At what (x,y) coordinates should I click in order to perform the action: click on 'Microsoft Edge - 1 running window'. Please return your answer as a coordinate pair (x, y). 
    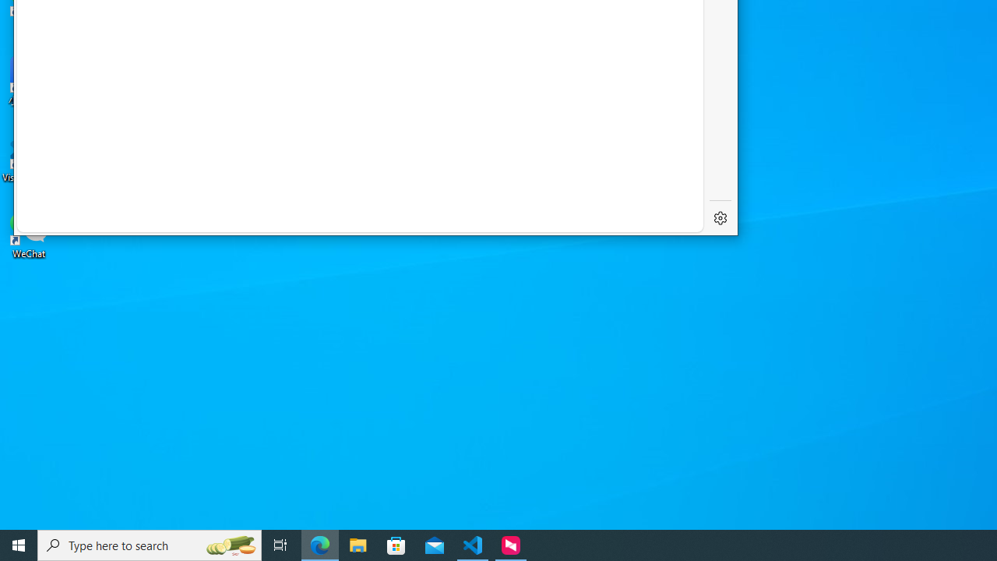
    Looking at the image, I should click on (319, 544).